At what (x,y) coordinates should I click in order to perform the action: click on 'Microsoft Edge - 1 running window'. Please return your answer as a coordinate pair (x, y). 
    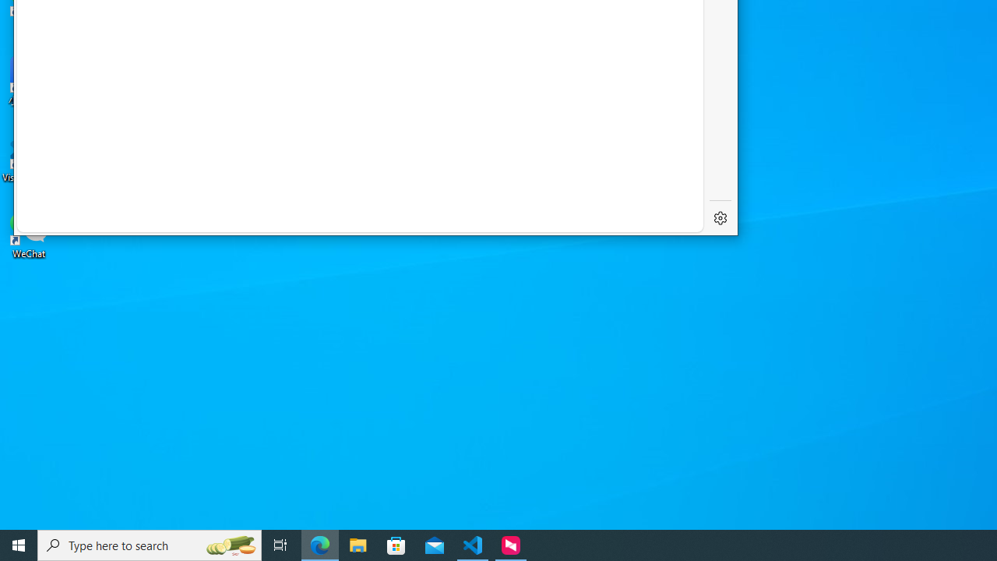
    Looking at the image, I should click on (319, 544).